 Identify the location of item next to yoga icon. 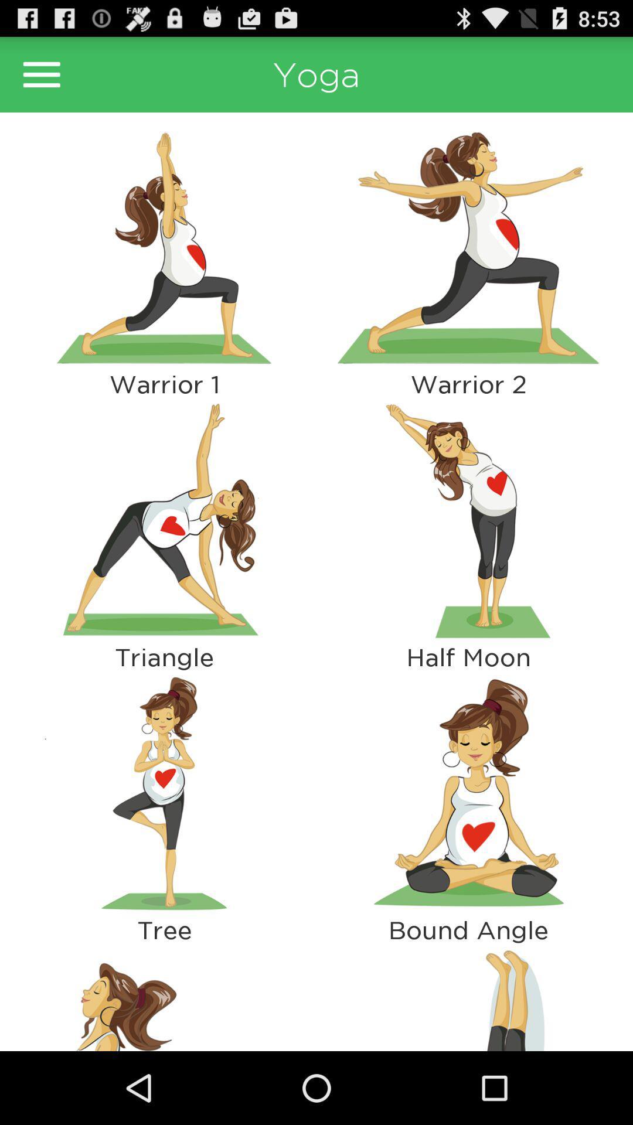
(41, 74).